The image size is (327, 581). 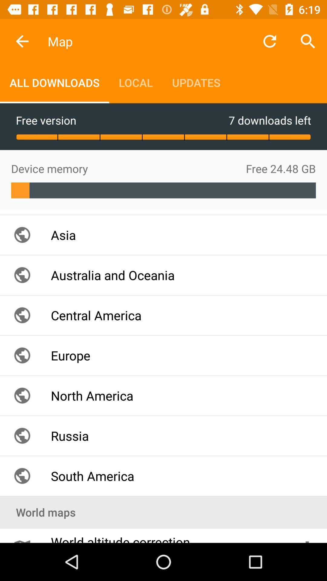 I want to click on the item next to updates item, so click(x=269, y=41).